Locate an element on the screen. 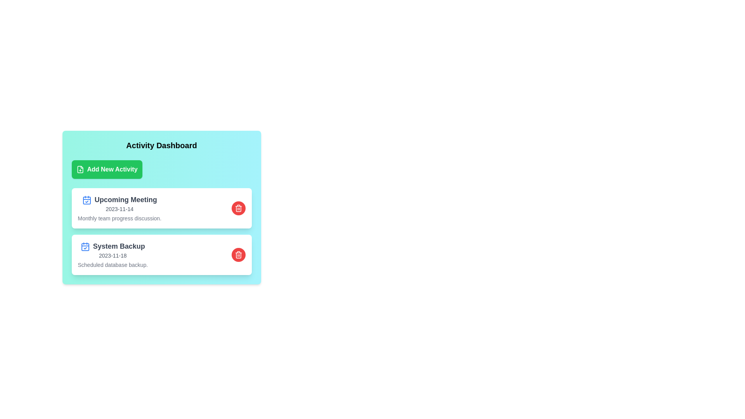 Image resolution: width=745 pixels, height=419 pixels. the 'Add New Activity' button is located at coordinates (106, 169).